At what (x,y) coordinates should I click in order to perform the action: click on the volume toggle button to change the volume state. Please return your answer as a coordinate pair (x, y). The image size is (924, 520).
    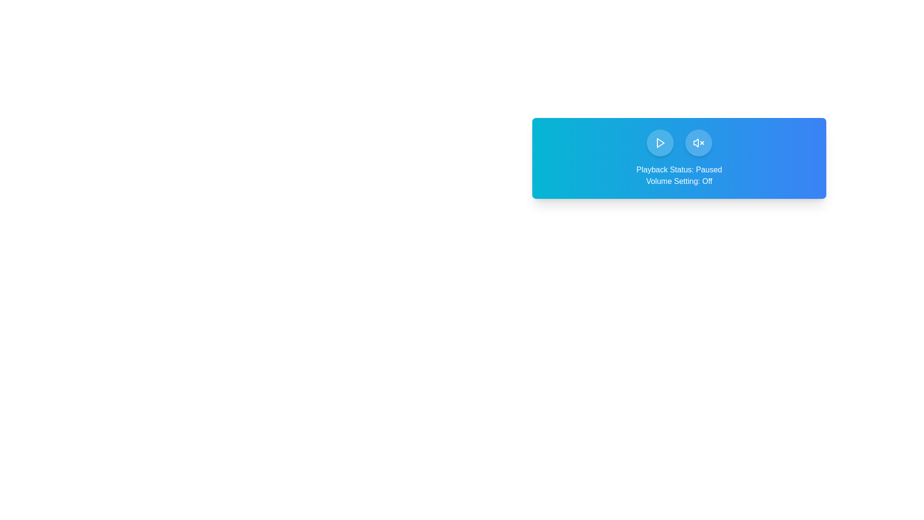
    Looking at the image, I should click on (698, 143).